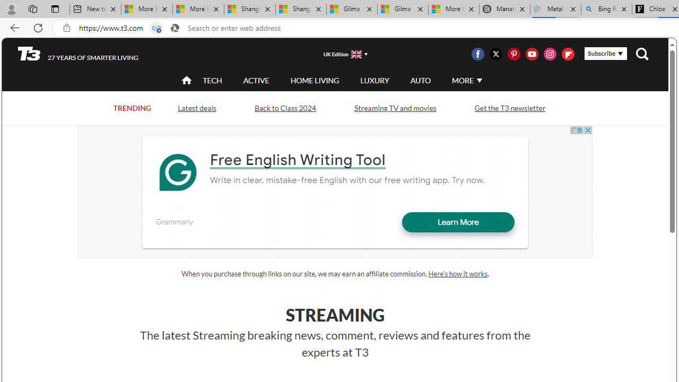 The width and height of the screenshot is (679, 382). What do you see at coordinates (532, 54) in the screenshot?
I see `'Visit us on Youtube'` at bounding box center [532, 54].